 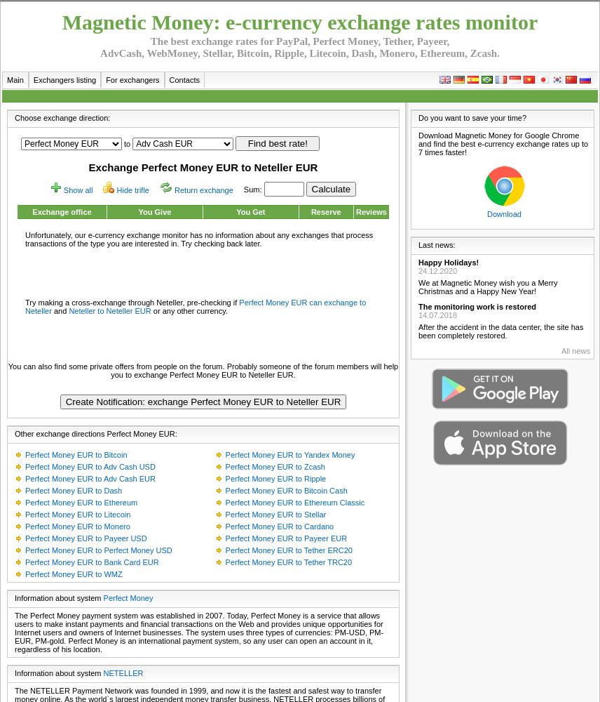 I want to click on 'NETELLER', so click(x=123, y=673).